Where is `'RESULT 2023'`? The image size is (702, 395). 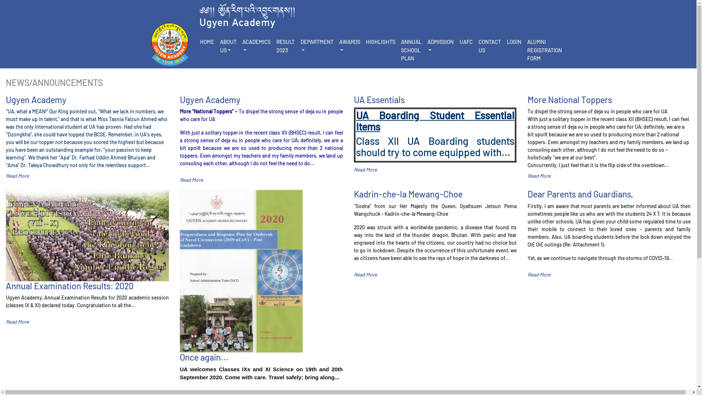 'RESULT 2023' is located at coordinates (285, 46).